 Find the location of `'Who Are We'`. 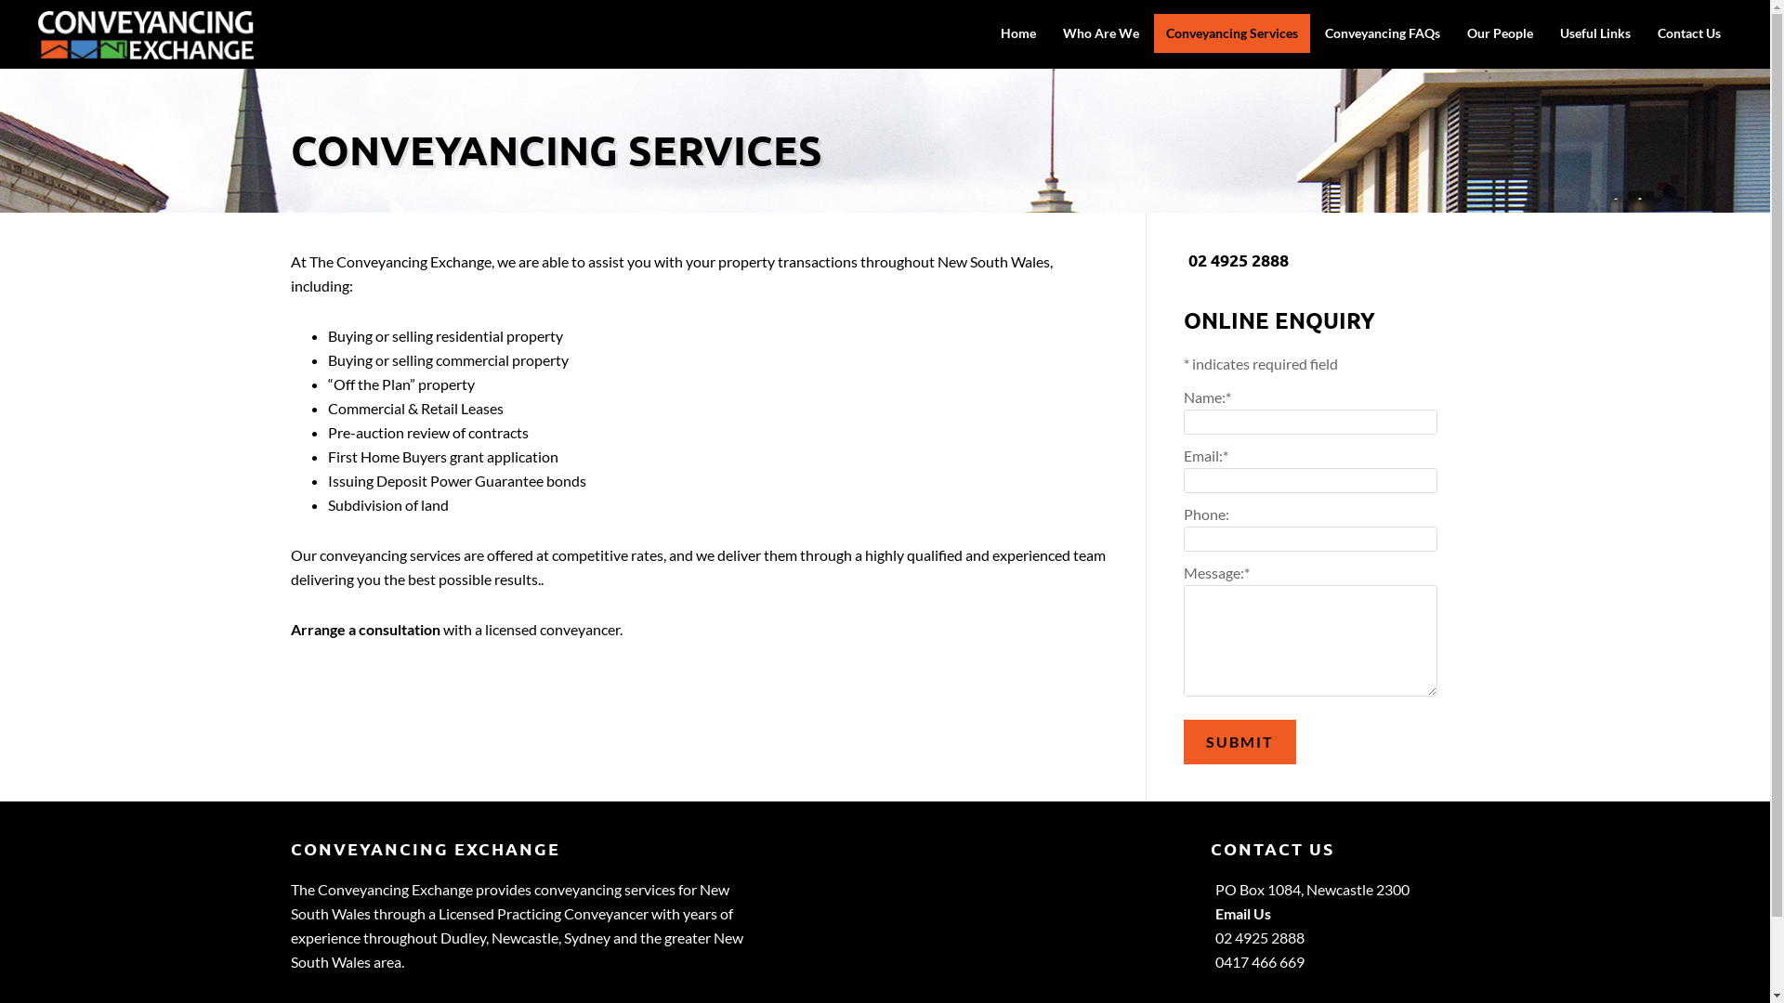

'Who Are We' is located at coordinates (1101, 33).